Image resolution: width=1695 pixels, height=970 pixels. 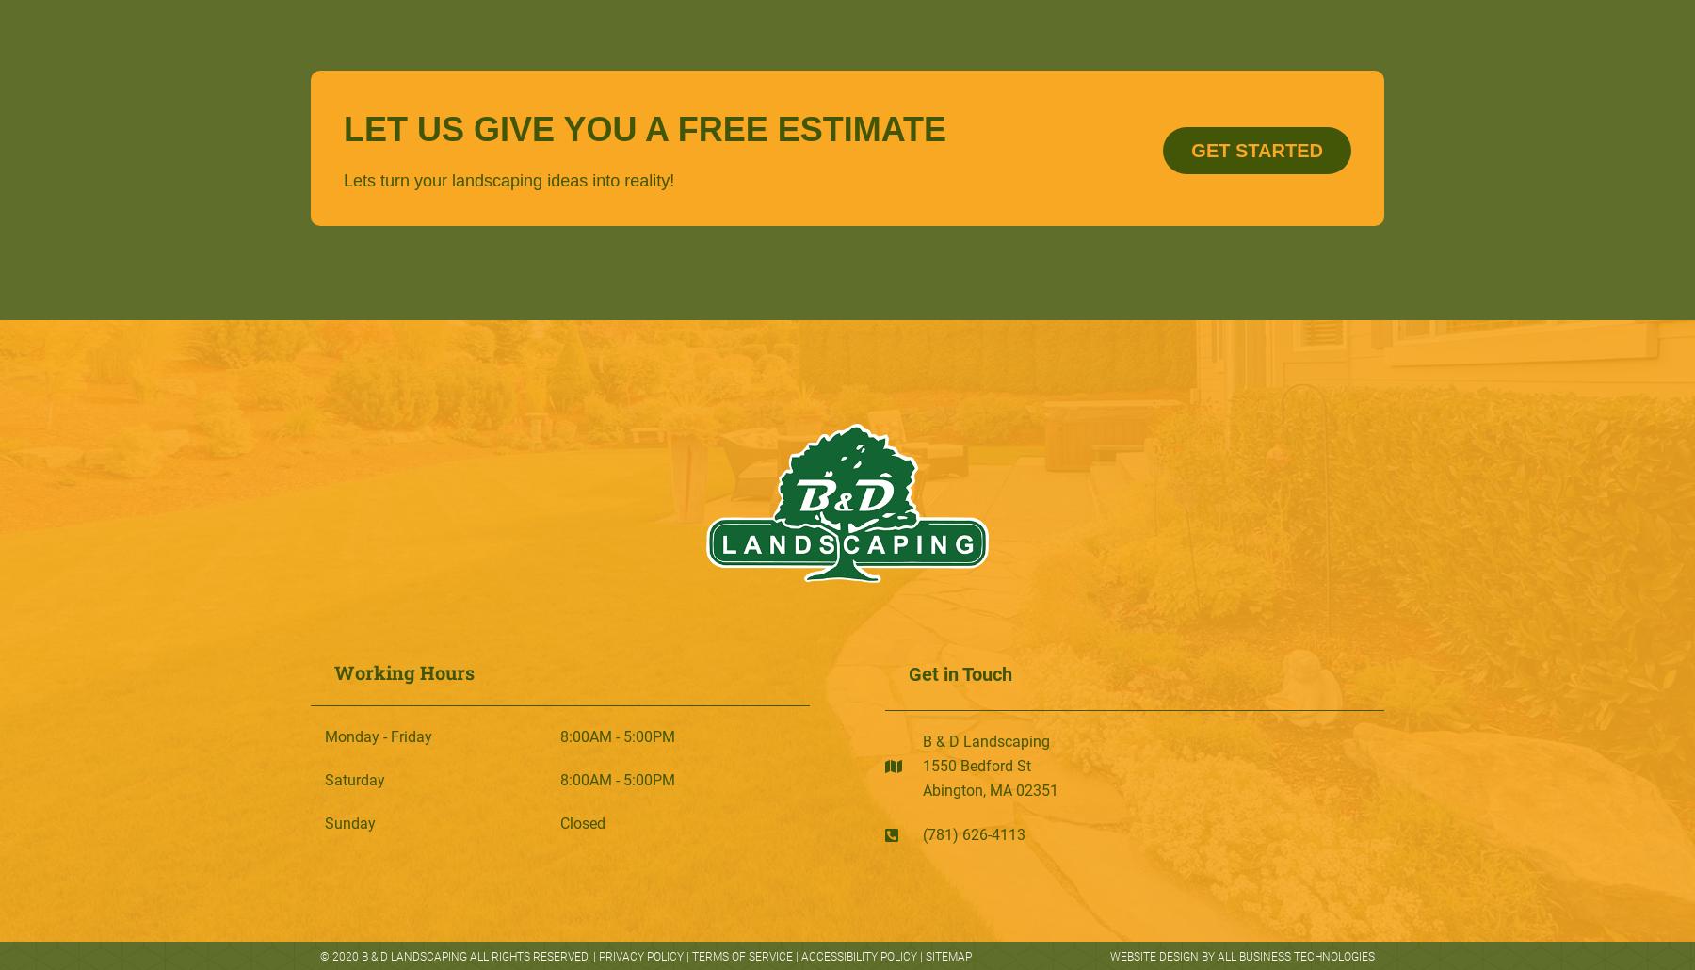 What do you see at coordinates (801, 954) in the screenshot?
I see `'Accessibility Policy'` at bounding box center [801, 954].